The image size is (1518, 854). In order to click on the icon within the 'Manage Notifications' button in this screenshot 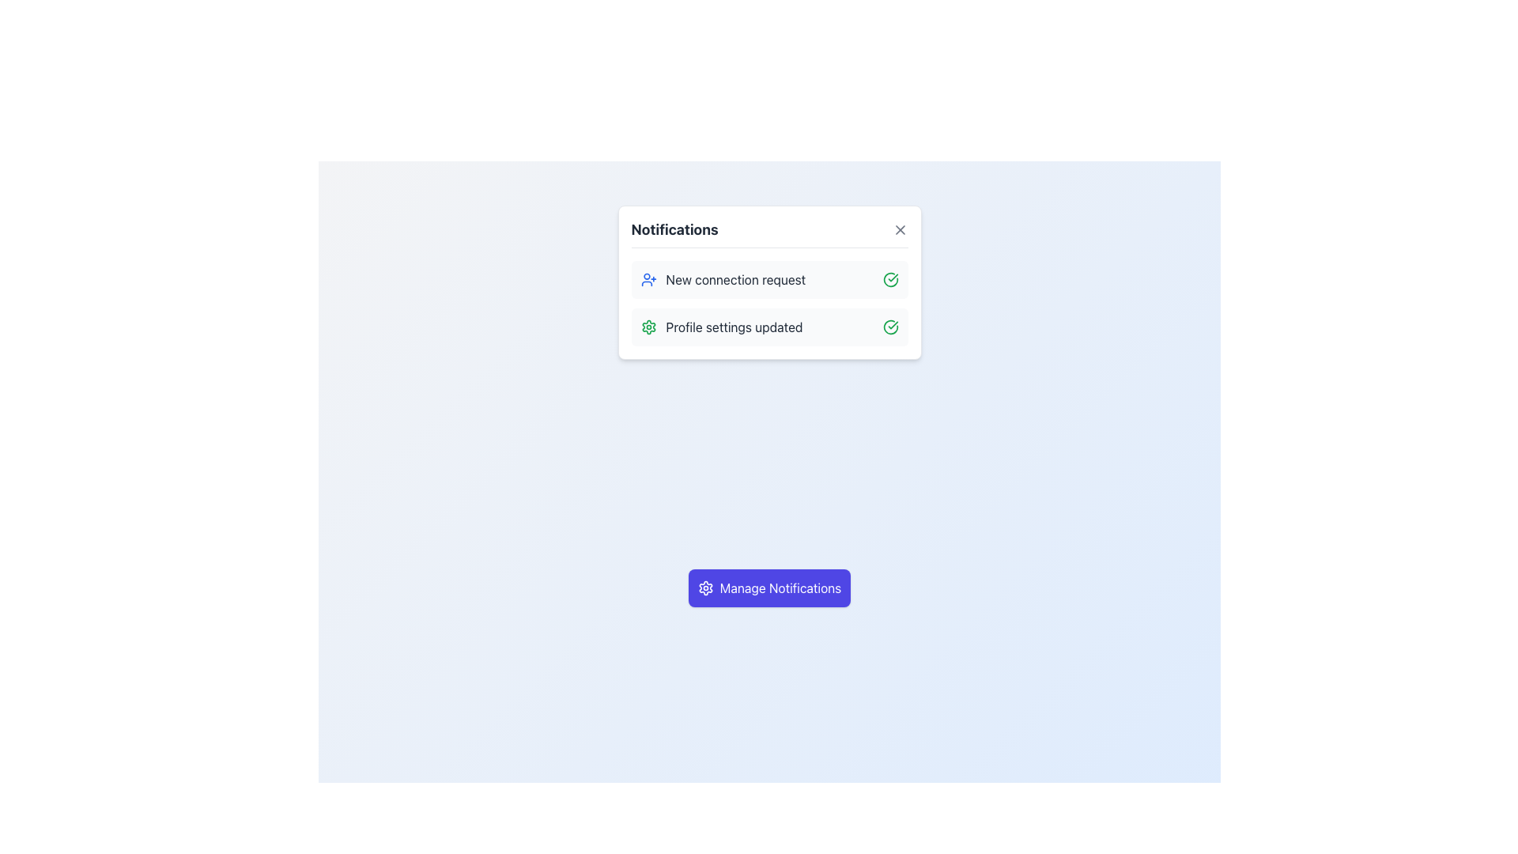, I will do `click(704, 588)`.